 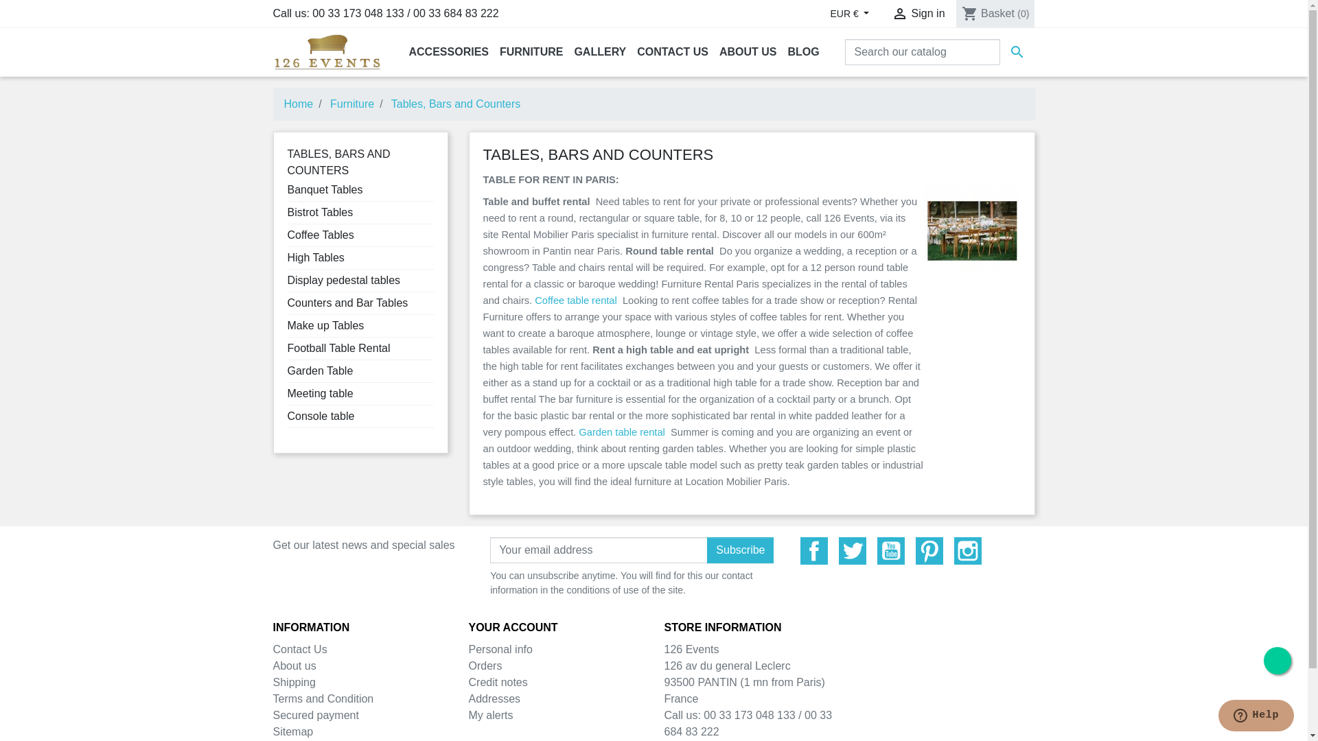 I want to click on 'Coffee Tables', so click(x=319, y=234).